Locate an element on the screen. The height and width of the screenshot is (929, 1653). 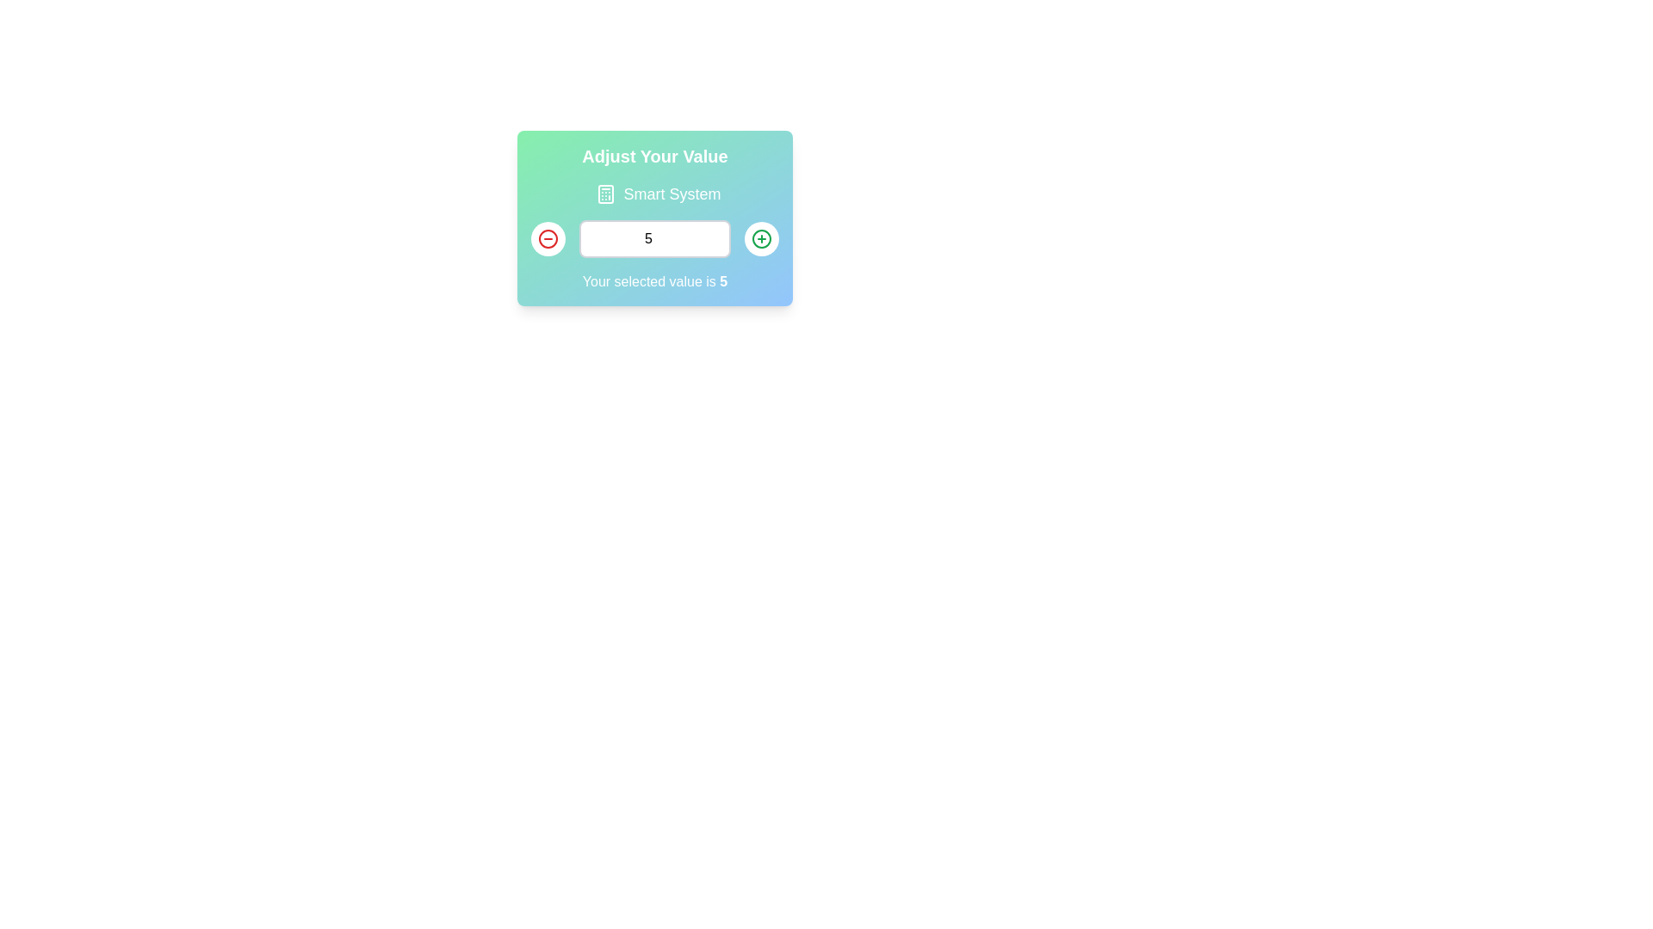
the rectangular display component of the calculator icon, which serves as the interactive display area is located at coordinates (606, 194).